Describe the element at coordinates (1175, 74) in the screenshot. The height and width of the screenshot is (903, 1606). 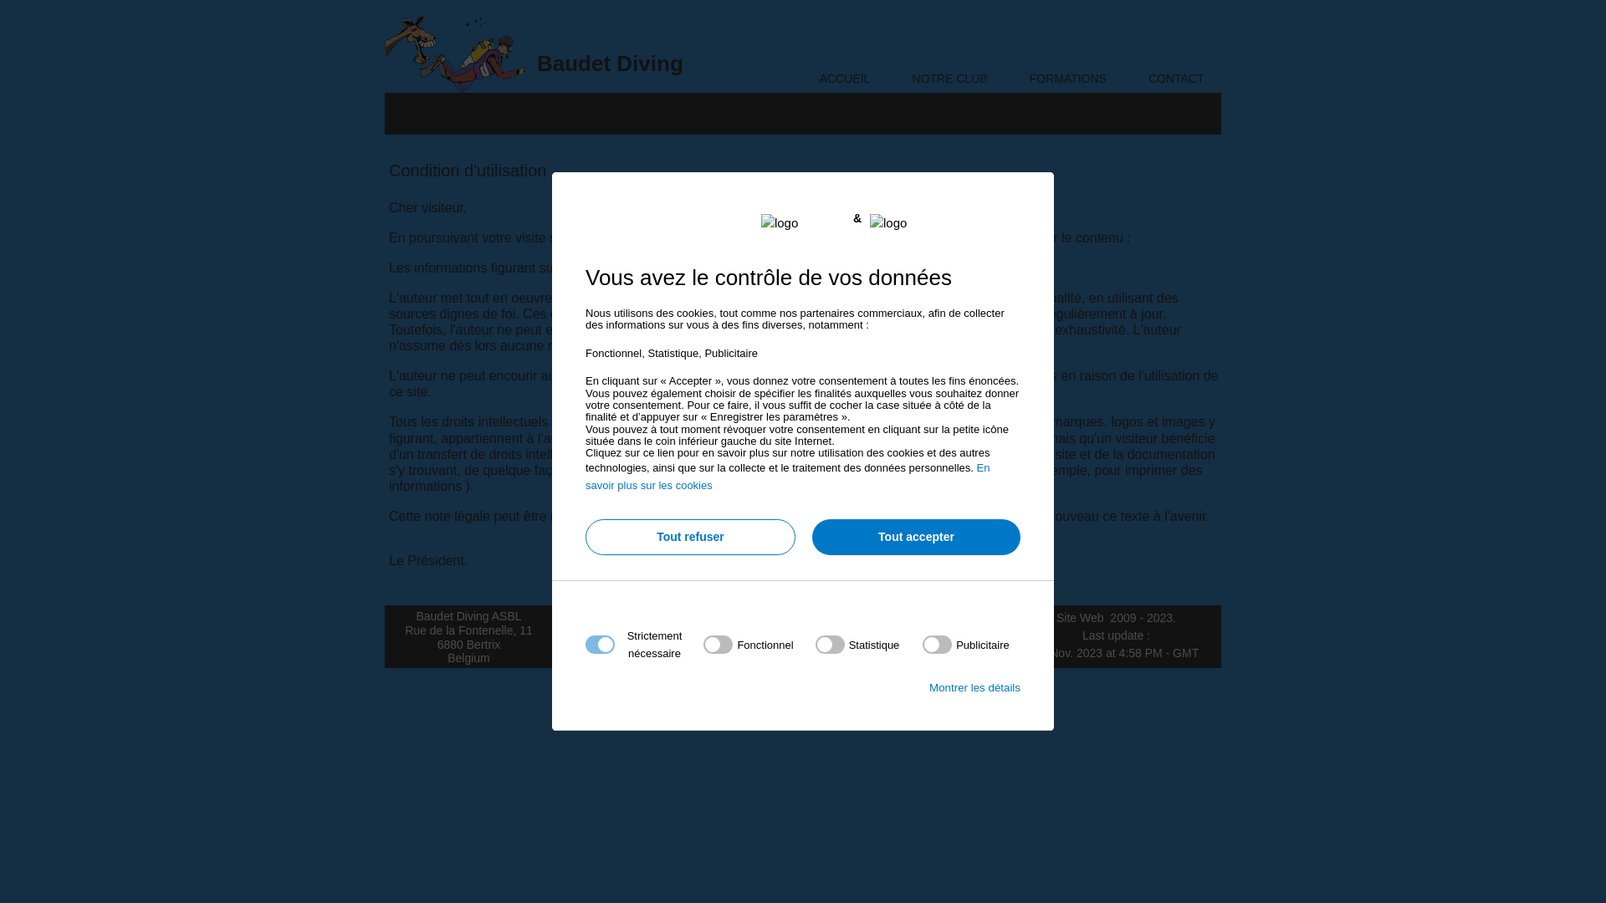
I see `'CONTACT'` at that location.